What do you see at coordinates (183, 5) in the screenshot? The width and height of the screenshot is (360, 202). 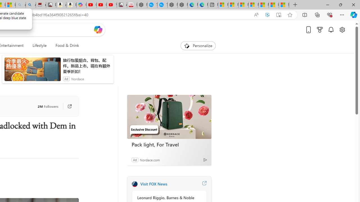 I see `'Nordace - Nordace has arrived Hong Kong'` at bounding box center [183, 5].